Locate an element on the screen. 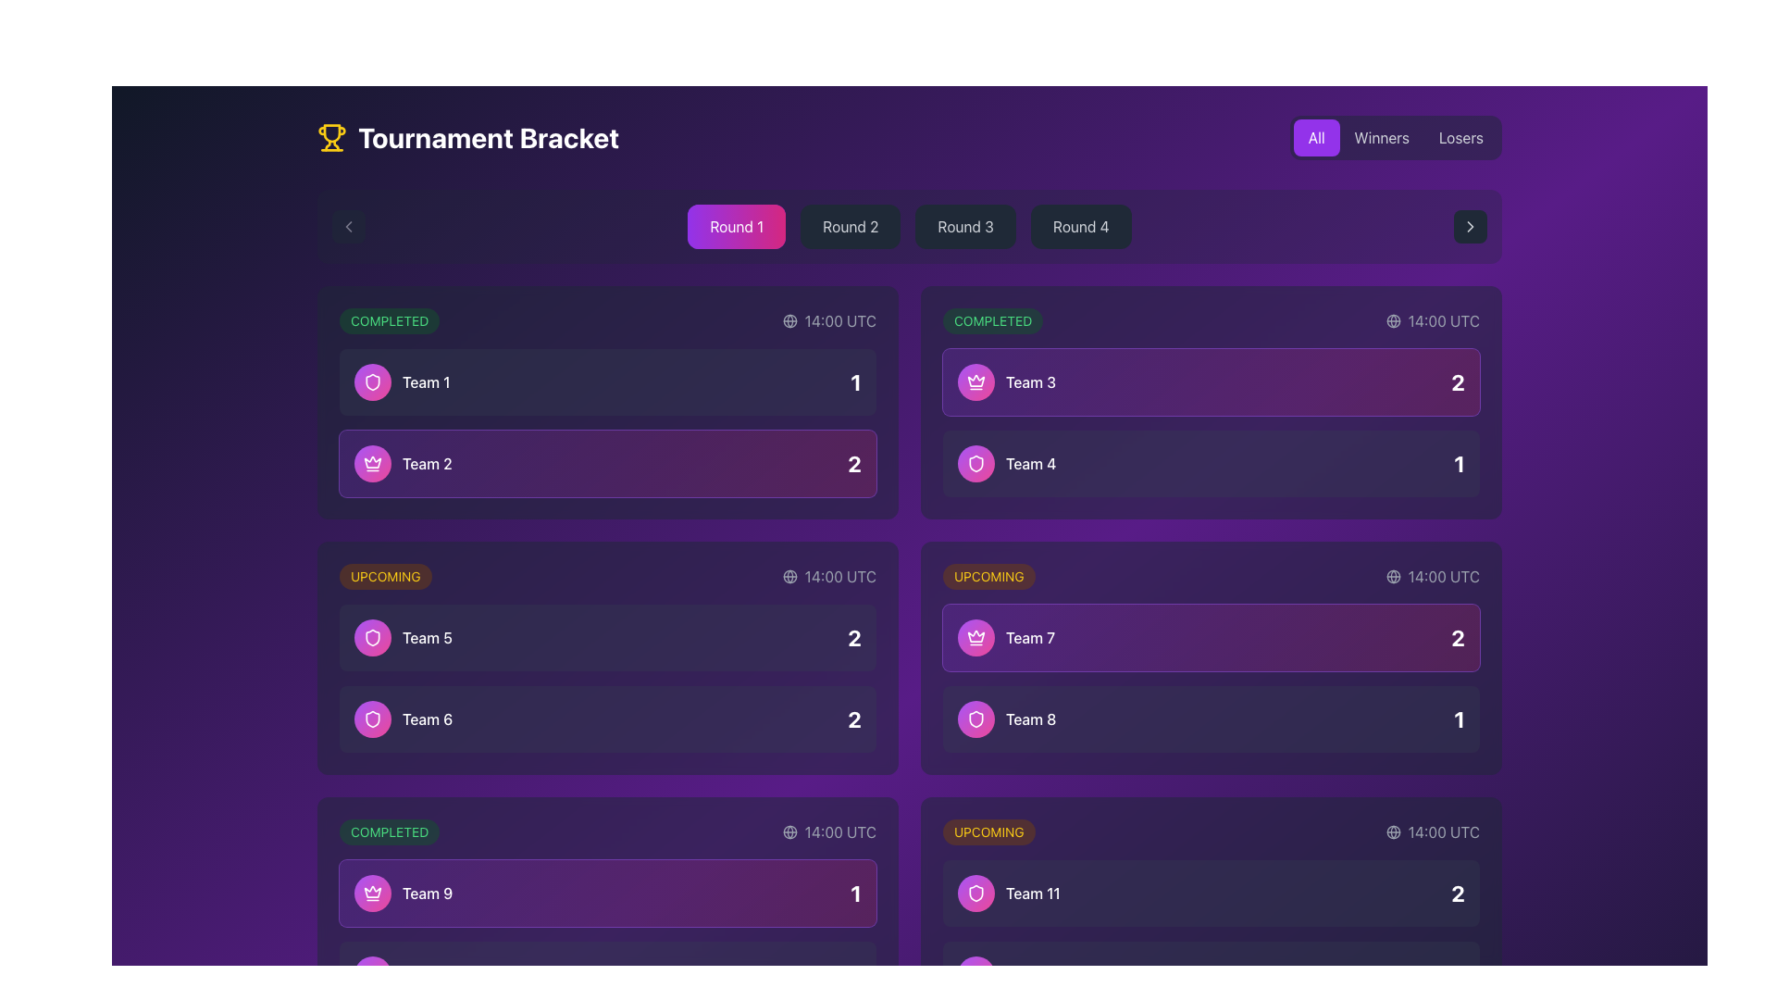  the shield icon with a pink fill color, which represents a protective feature and is located at the top-left of the 'Team 5' item in the 'Upcoming' section is located at coordinates (372, 381).